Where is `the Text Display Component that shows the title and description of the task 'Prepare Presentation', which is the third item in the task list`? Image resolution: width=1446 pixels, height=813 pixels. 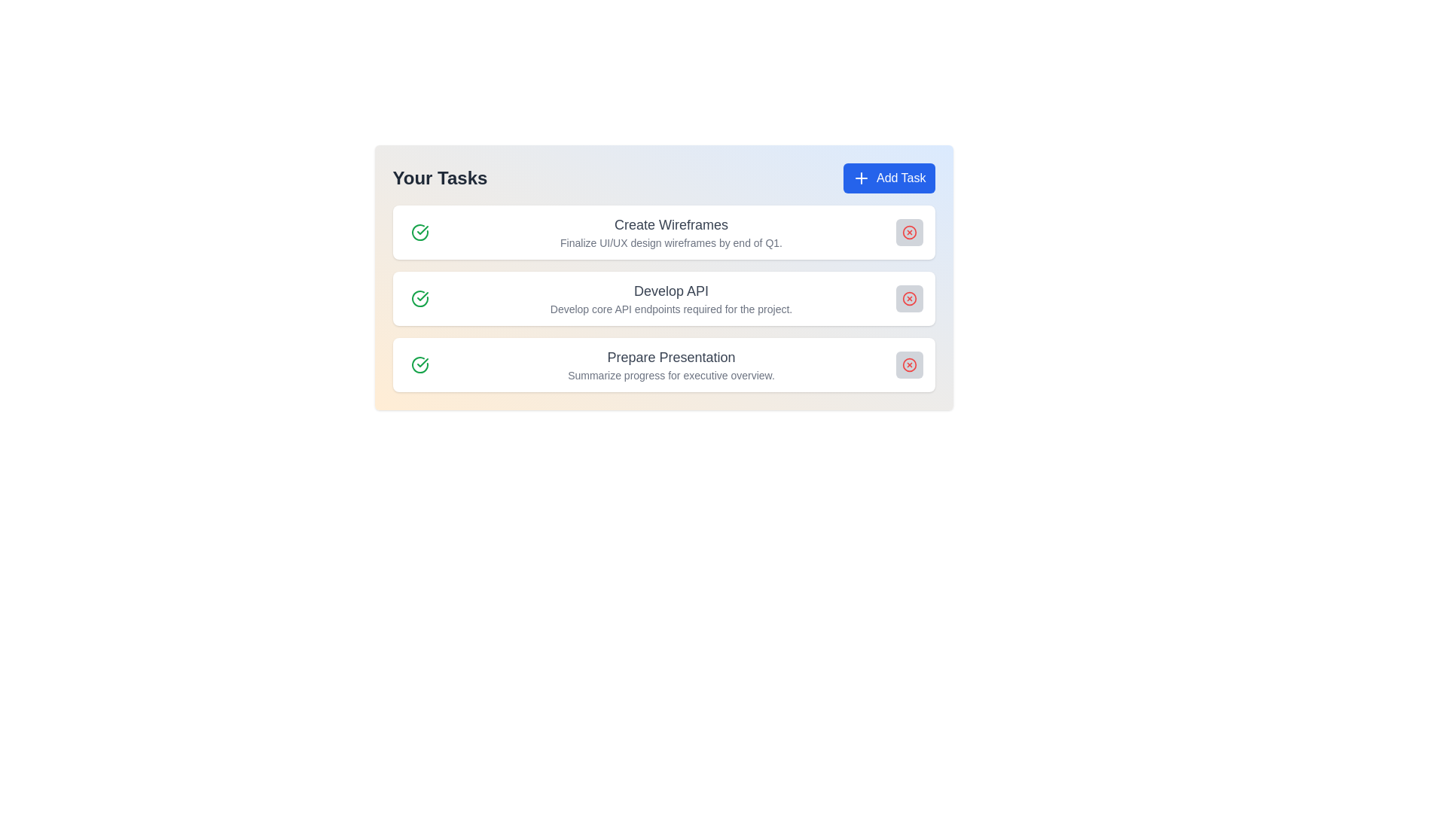
the Text Display Component that shows the title and description of the task 'Prepare Presentation', which is the third item in the task list is located at coordinates (670, 365).